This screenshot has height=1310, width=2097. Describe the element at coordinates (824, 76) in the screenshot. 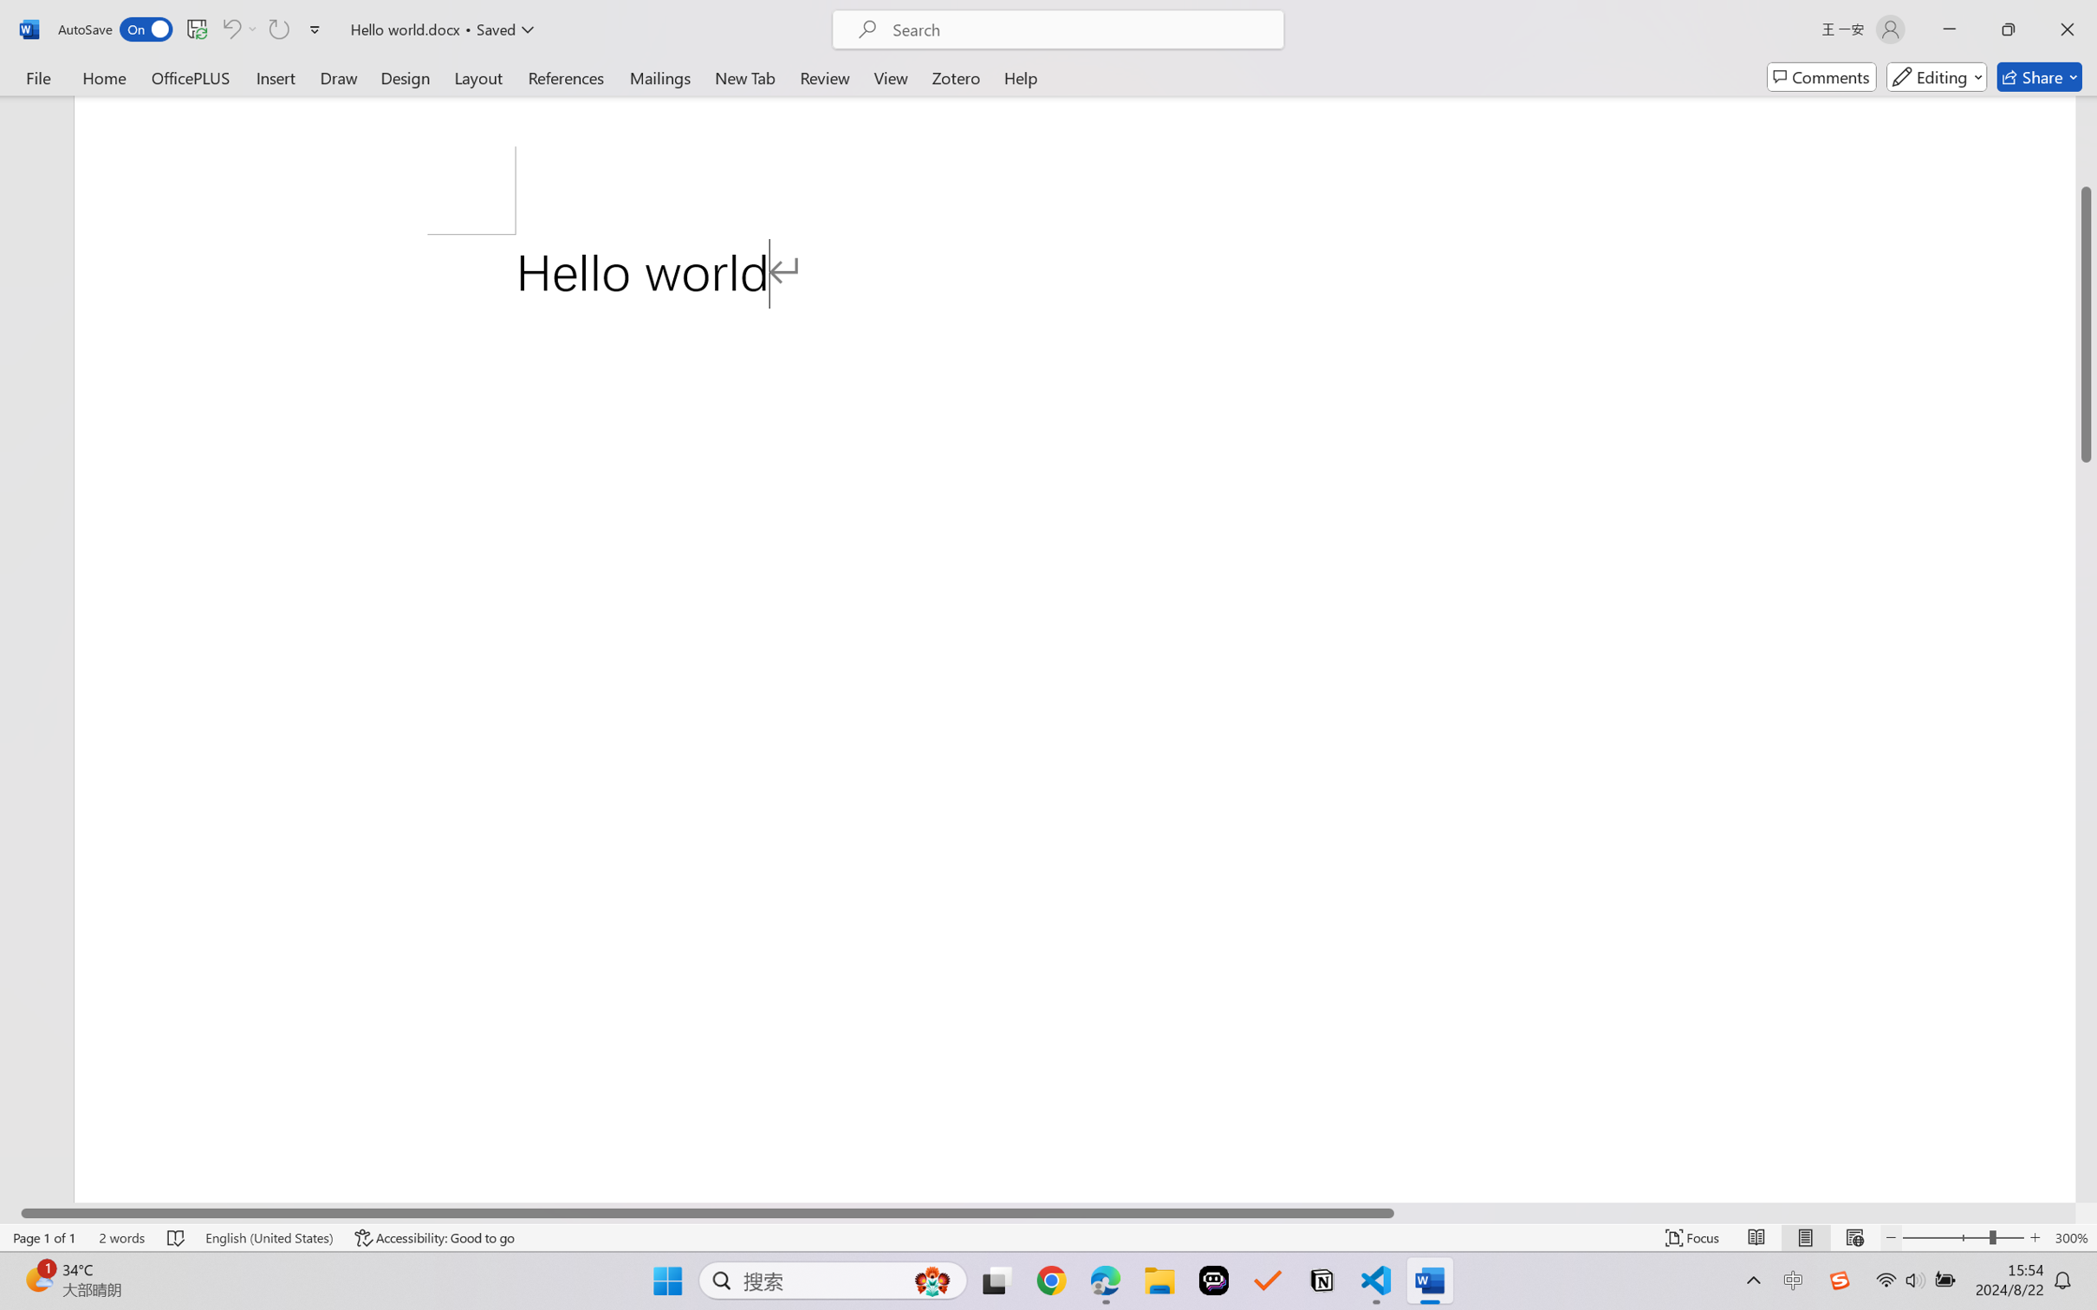

I see `'Review'` at that location.